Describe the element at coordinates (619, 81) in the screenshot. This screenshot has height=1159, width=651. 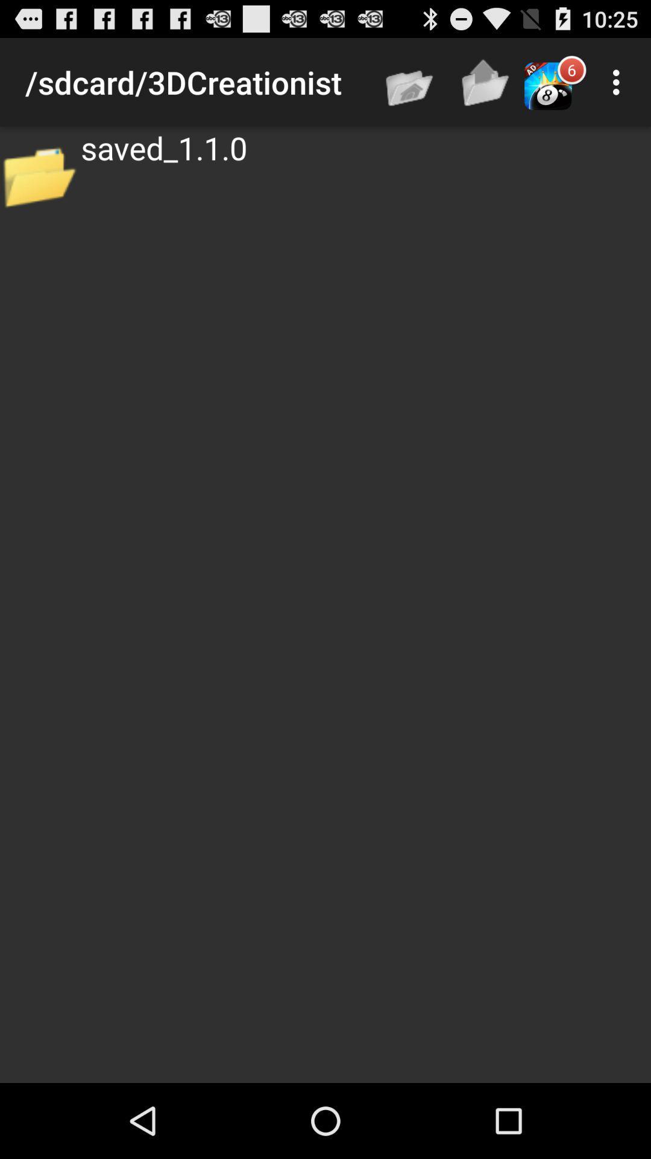
I see `app next to 6 icon` at that location.